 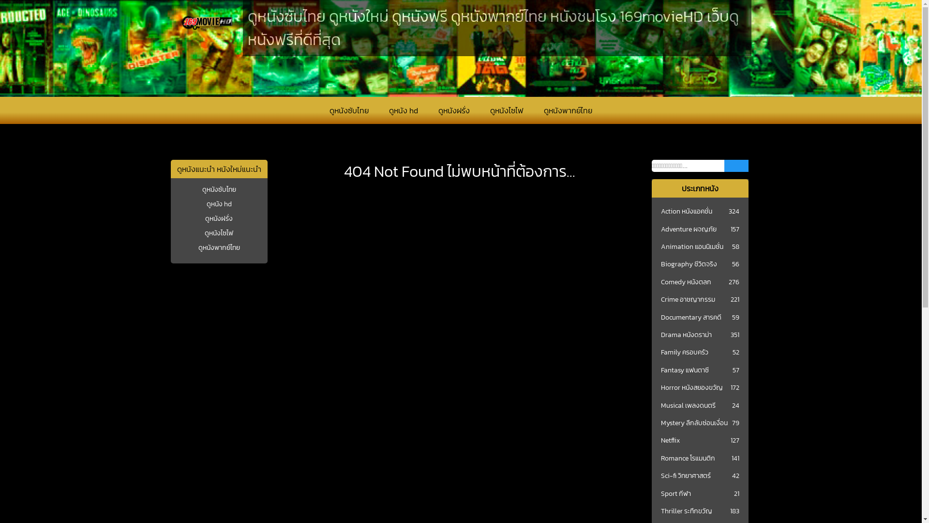 What do you see at coordinates (670, 441) in the screenshot?
I see `'Netflix'` at bounding box center [670, 441].